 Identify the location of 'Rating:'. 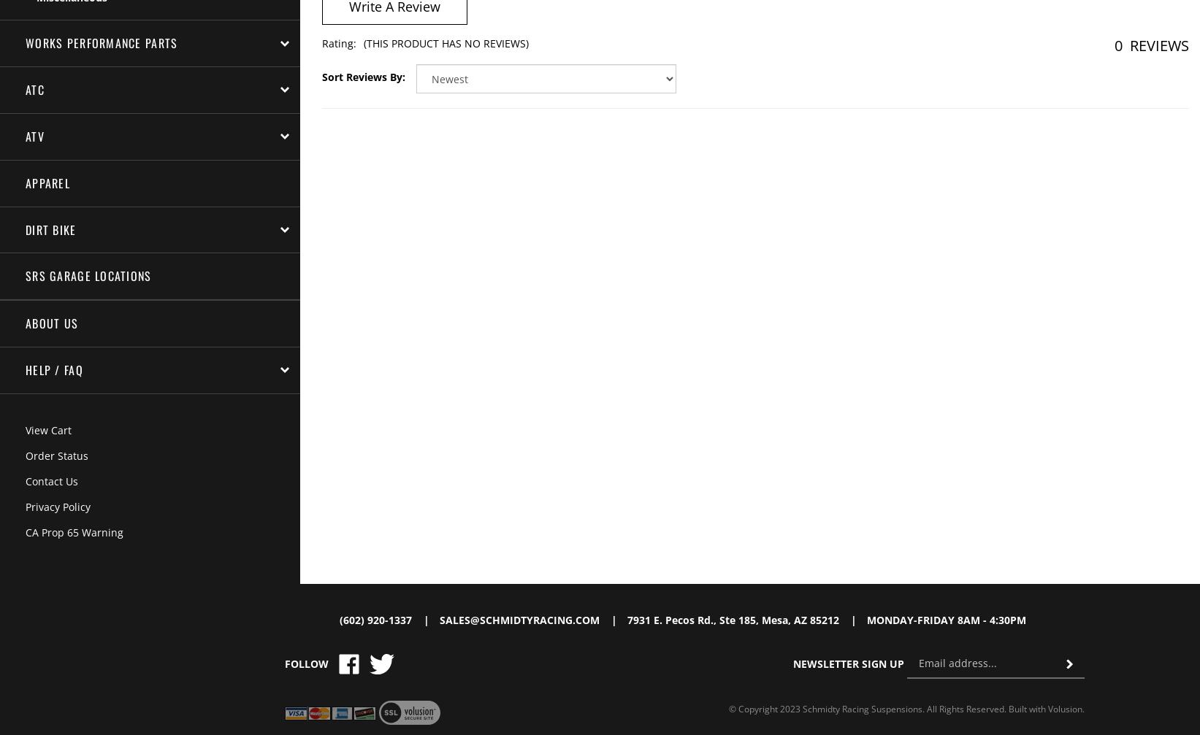
(337, 43).